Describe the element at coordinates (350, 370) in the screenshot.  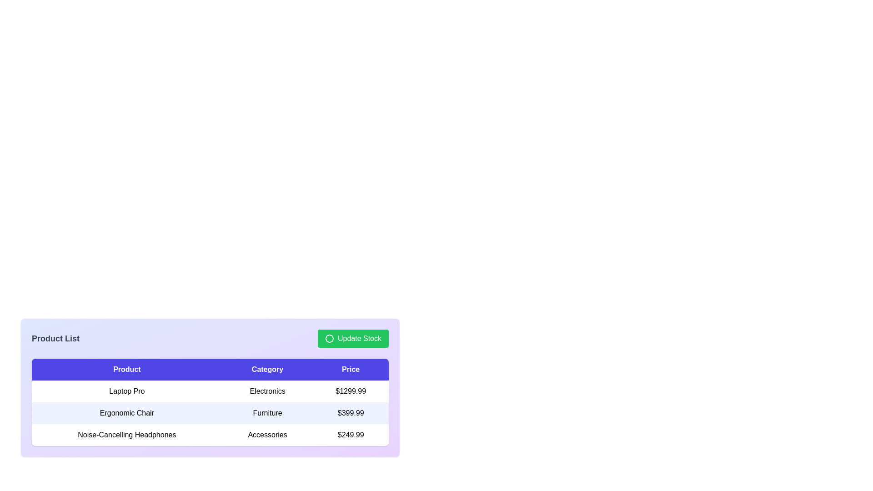
I see `the 'Price' header element, which is the third column header in the 'ProductCategoryPrice' section, displayed in white text on a purple background` at that location.